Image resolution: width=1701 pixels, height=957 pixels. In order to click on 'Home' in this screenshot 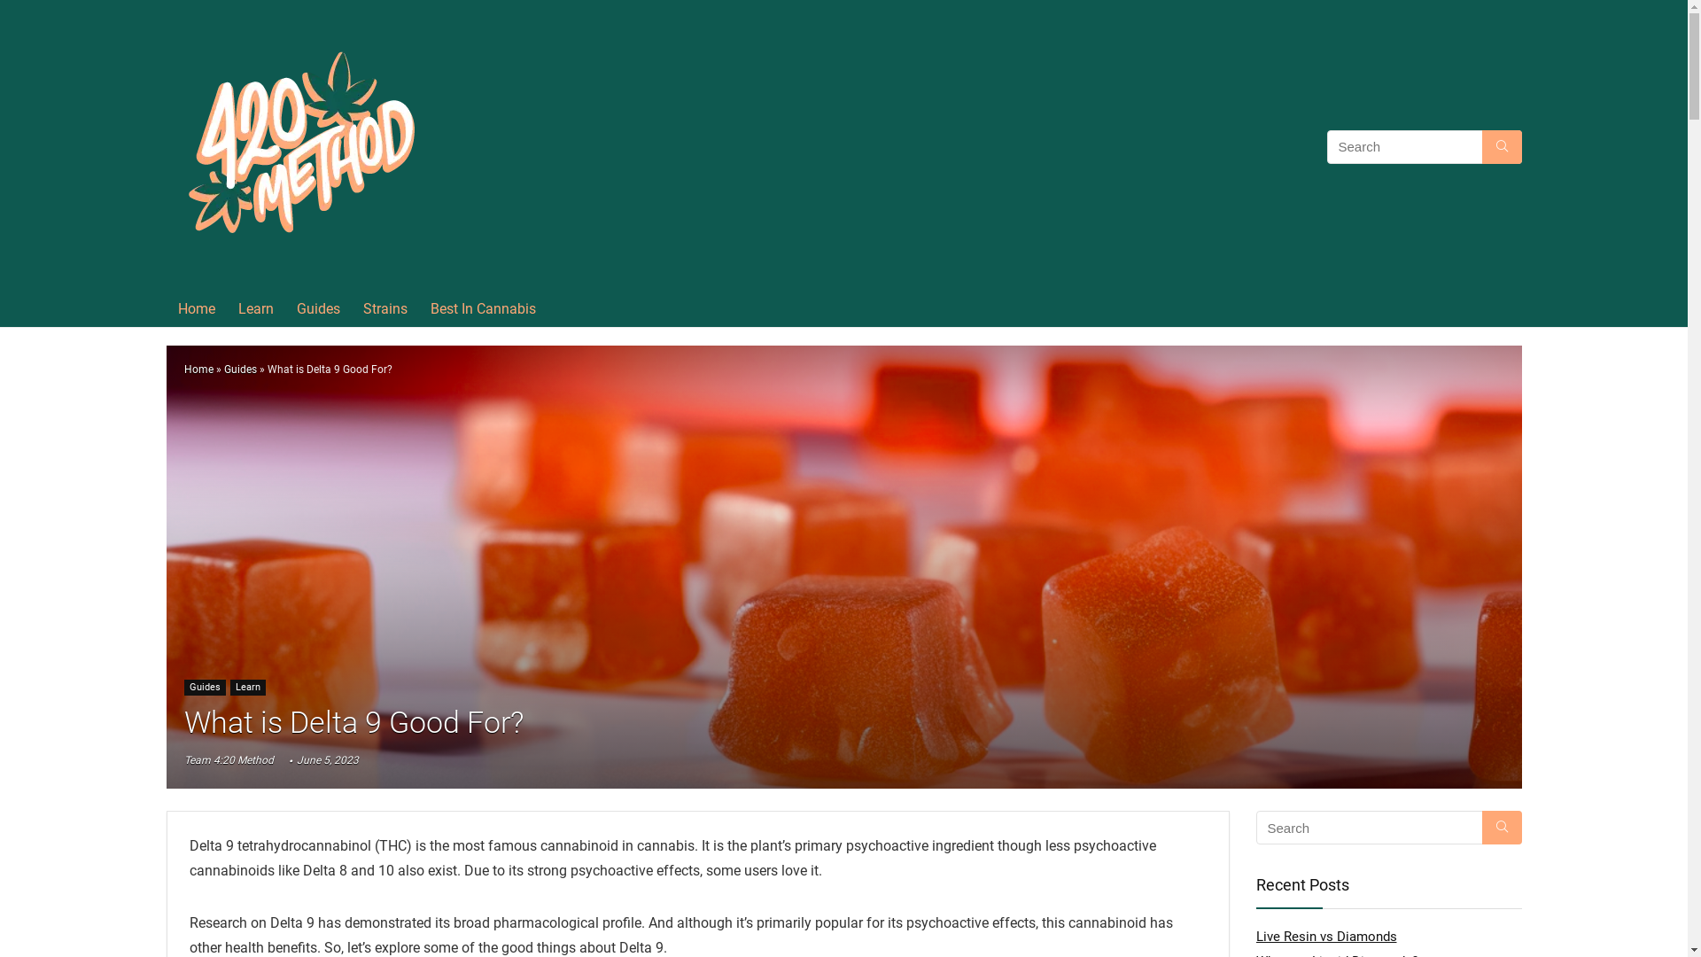, I will do `click(198, 368)`.